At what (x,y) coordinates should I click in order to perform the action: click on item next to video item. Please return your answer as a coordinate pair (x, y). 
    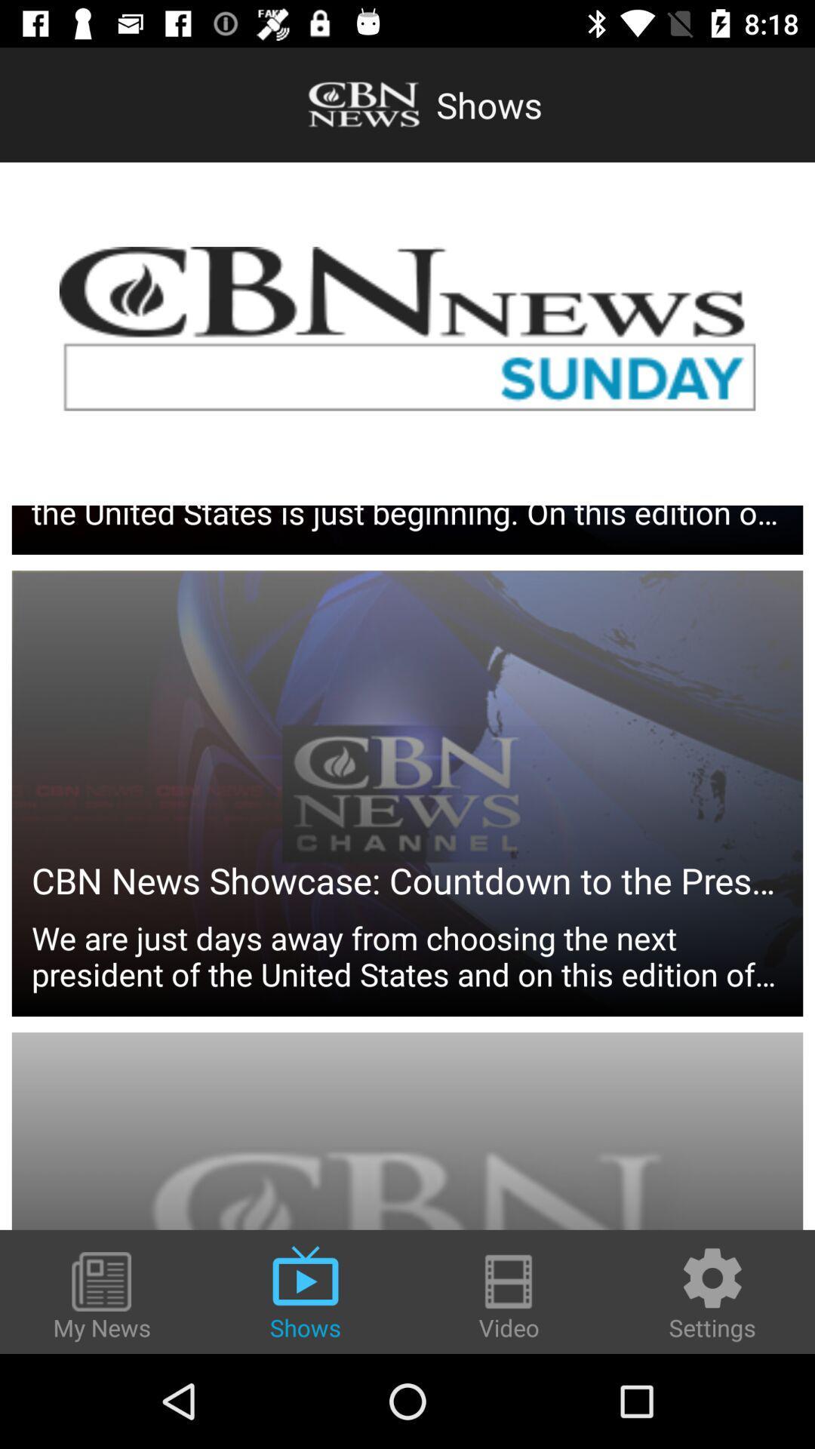
    Looking at the image, I should click on (712, 1292).